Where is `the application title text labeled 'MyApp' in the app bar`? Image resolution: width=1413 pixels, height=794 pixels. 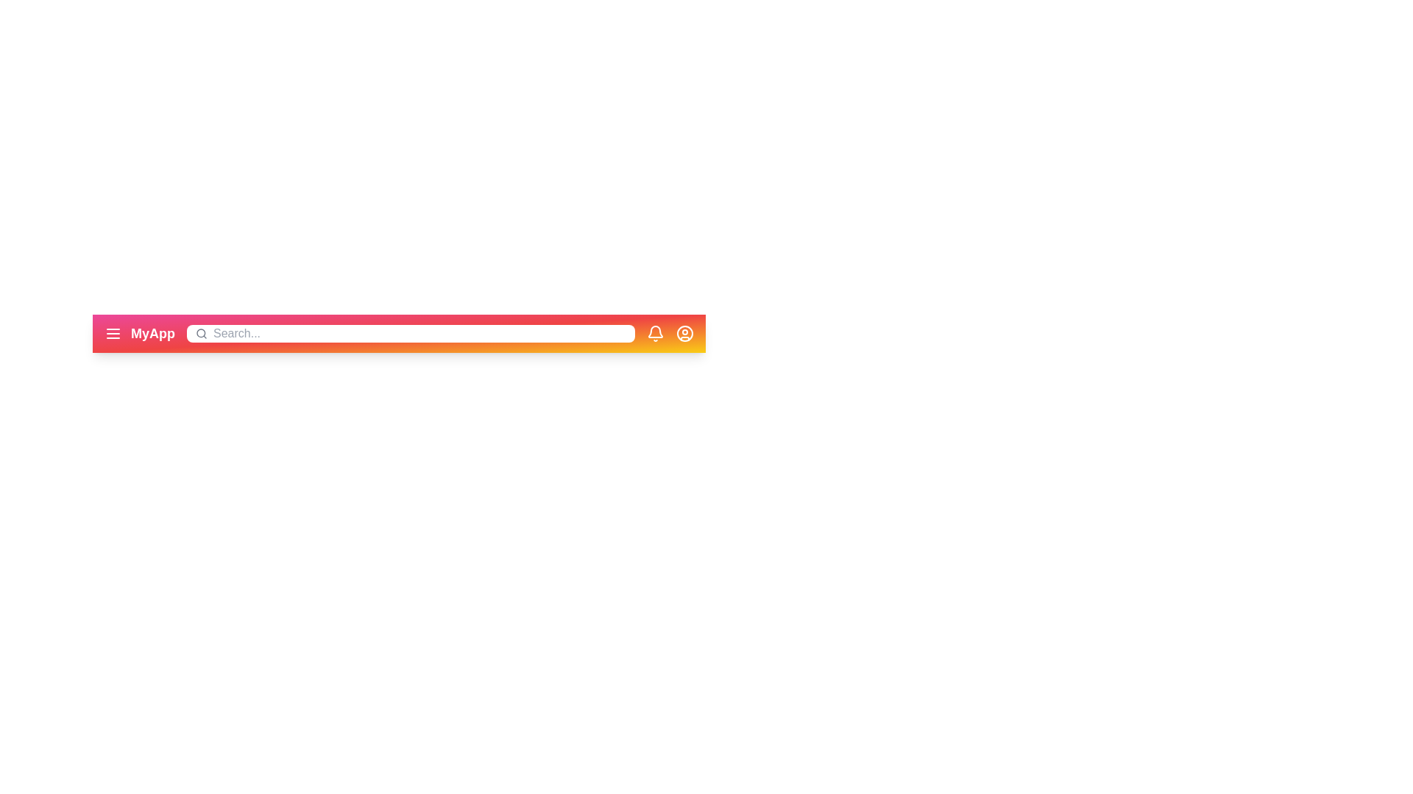 the application title text labeled 'MyApp' in the app bar is located at coordinates (152, 334).